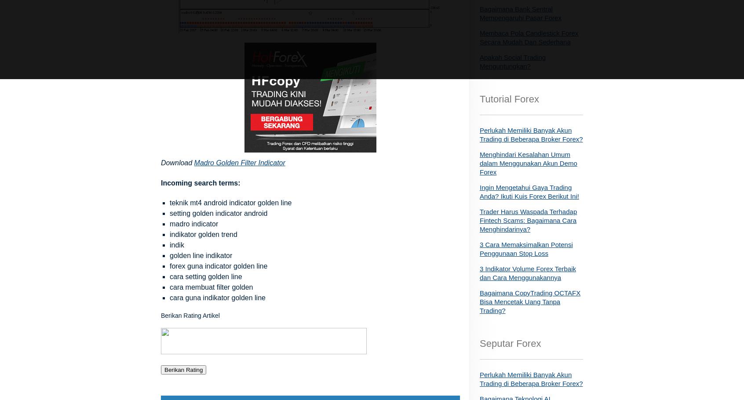 This screenshot has height=400, width=744. What do you see at coordinates (201, 255) in the screenshot?
I see `'golden line indikator'` at bounding box center [201, 255].